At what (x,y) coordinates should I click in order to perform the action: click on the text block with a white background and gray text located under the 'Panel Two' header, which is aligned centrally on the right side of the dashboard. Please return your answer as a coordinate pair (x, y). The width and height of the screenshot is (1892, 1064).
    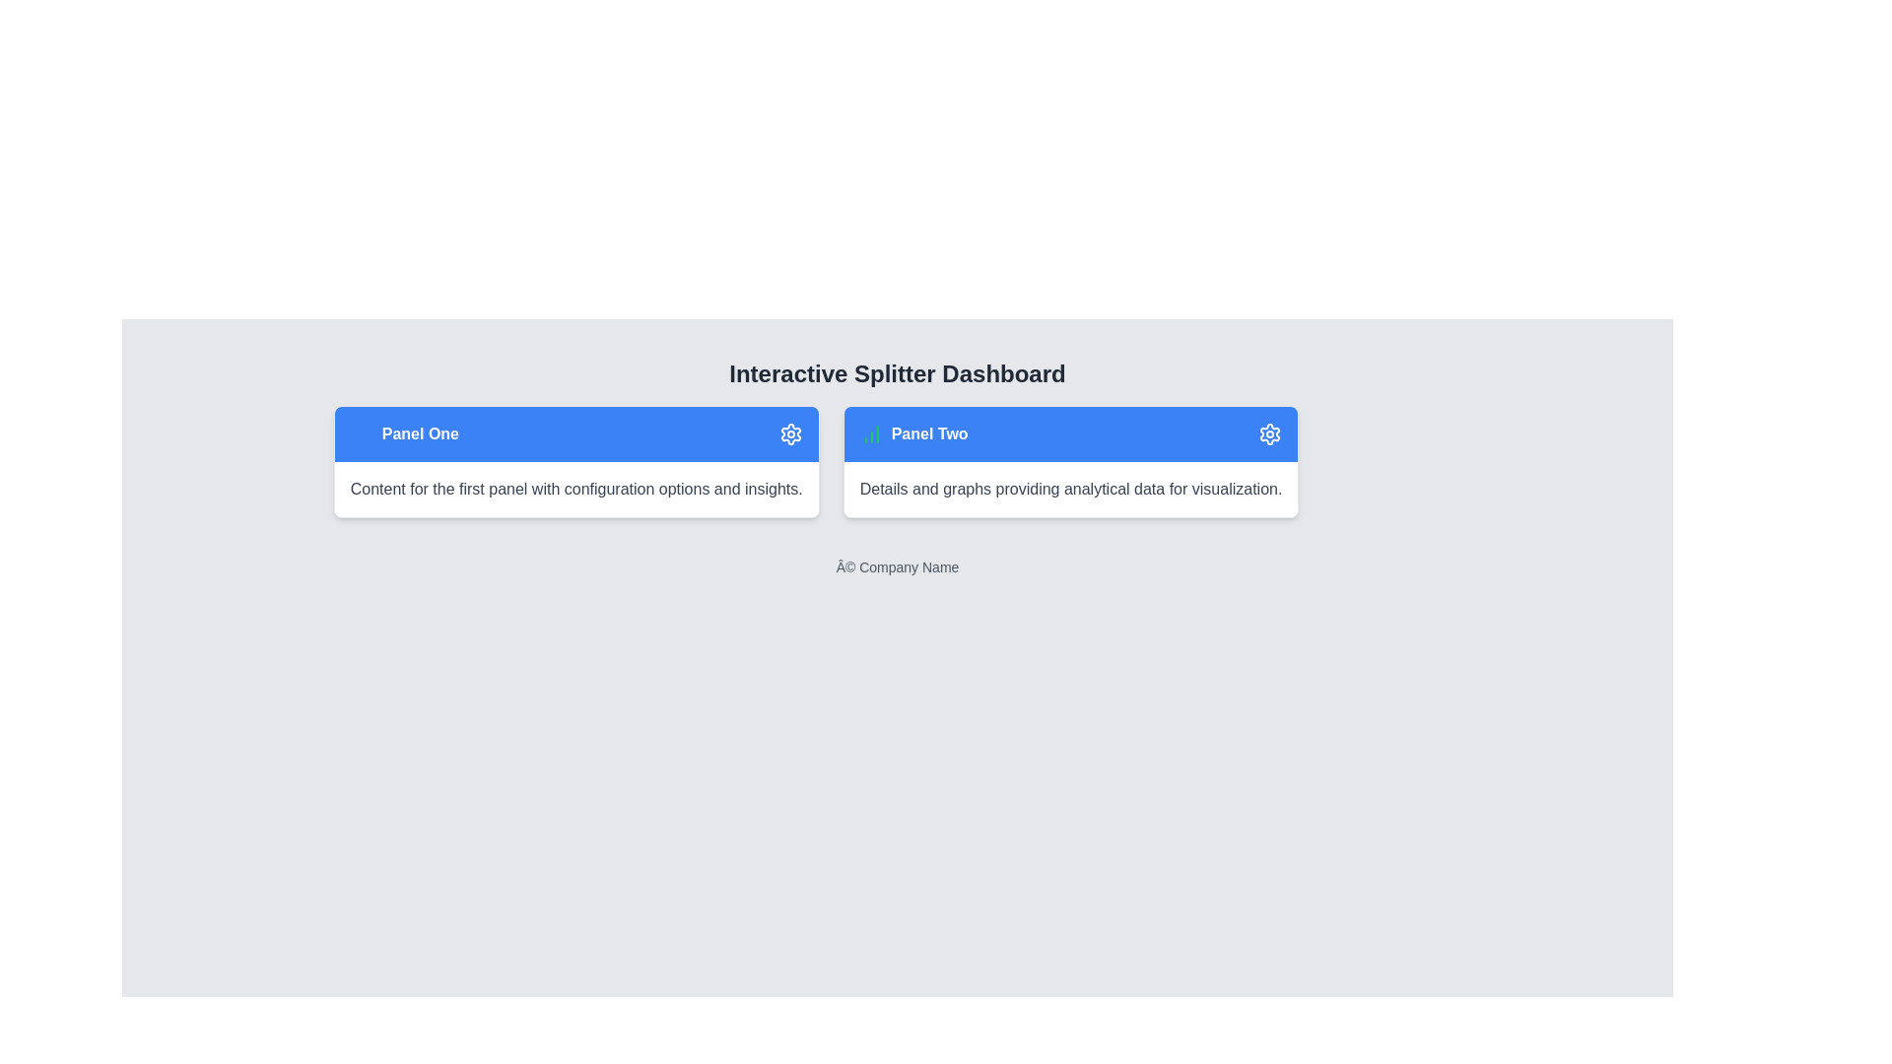
    Looking at the image, I should click on (1070, 489).